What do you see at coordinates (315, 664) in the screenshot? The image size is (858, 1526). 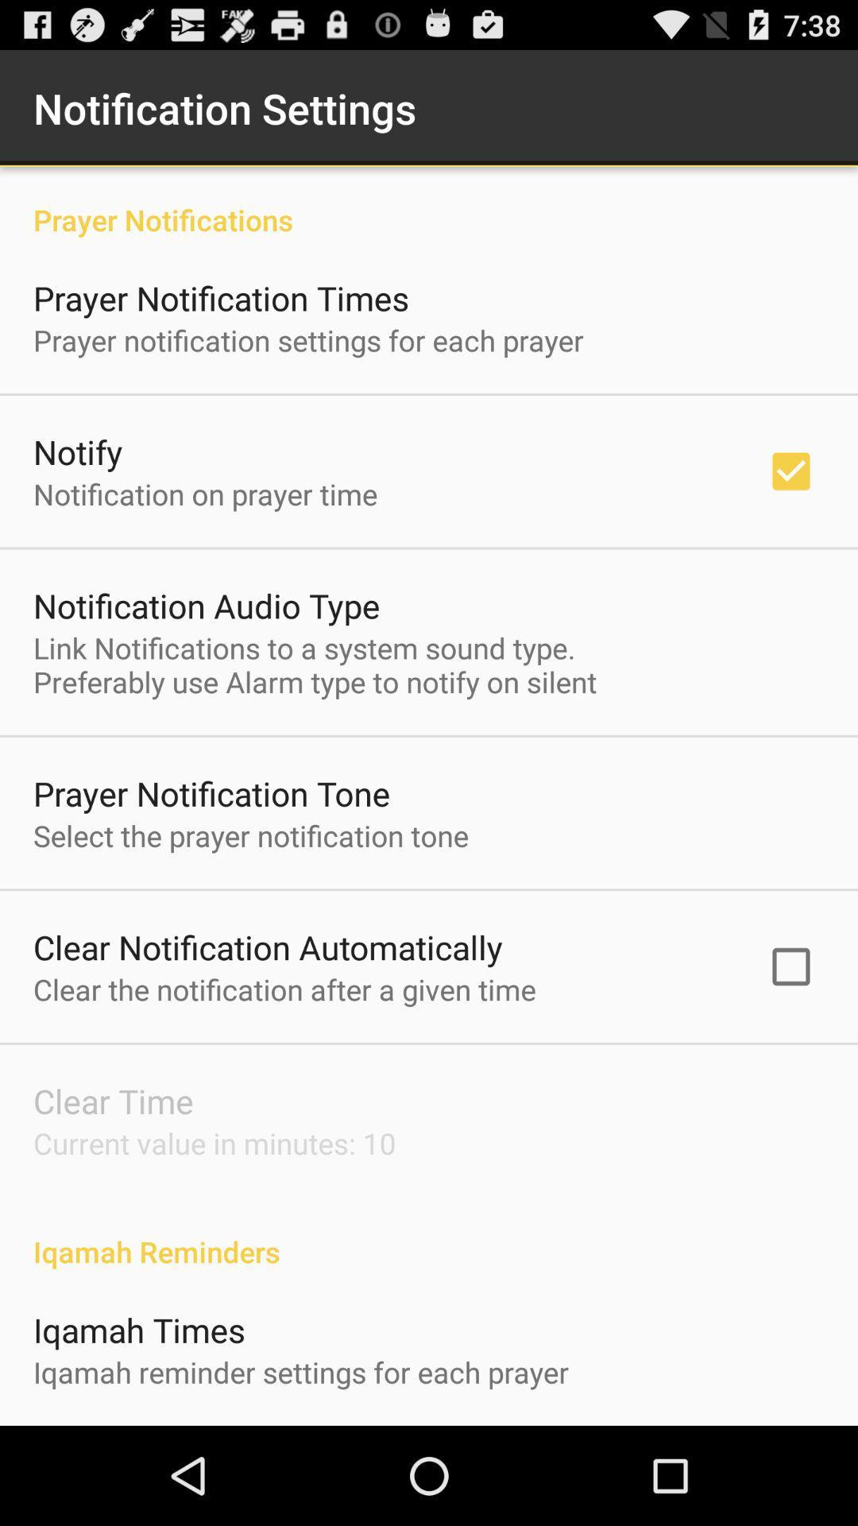 I see `the app below the notification audio type icon` at bounding box center [315, 664].